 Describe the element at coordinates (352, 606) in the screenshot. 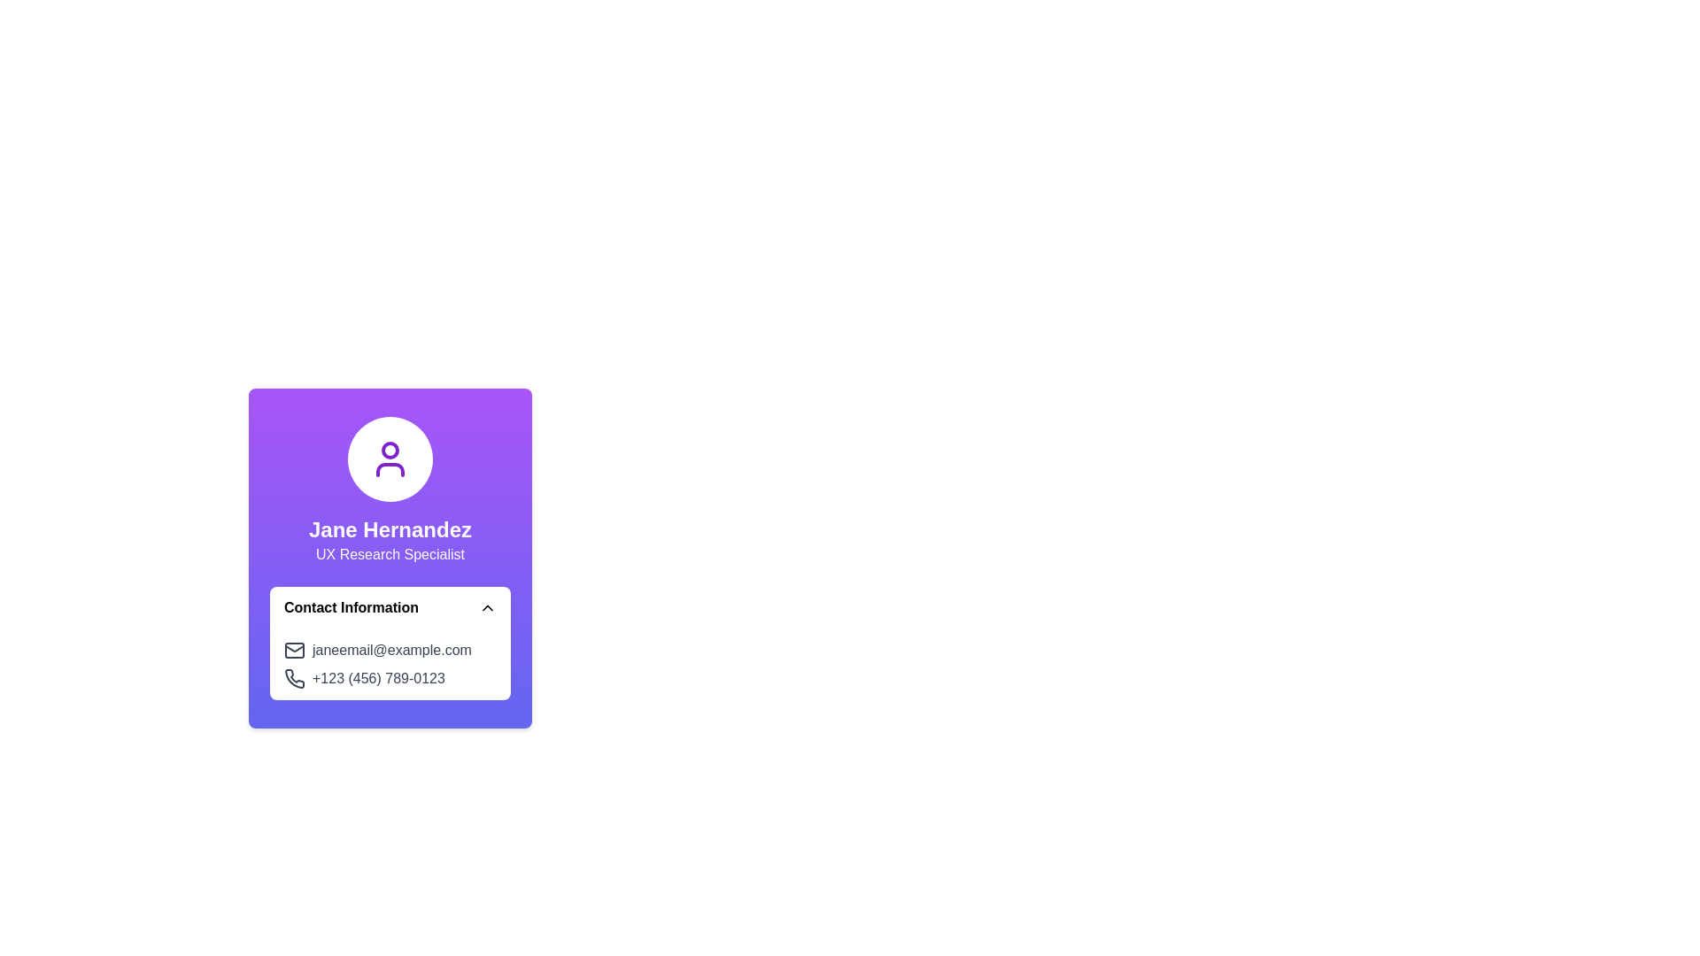

I see `the bold text label displaying 'Contact Information' that is prominently styled within a white card beneath a purple header` at that location.